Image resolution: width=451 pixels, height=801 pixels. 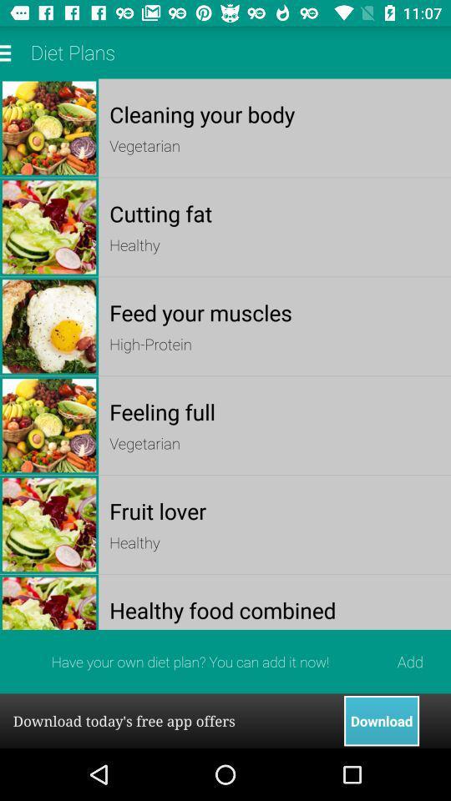 I want to click on high-protein app, so click(x=275, y=343).